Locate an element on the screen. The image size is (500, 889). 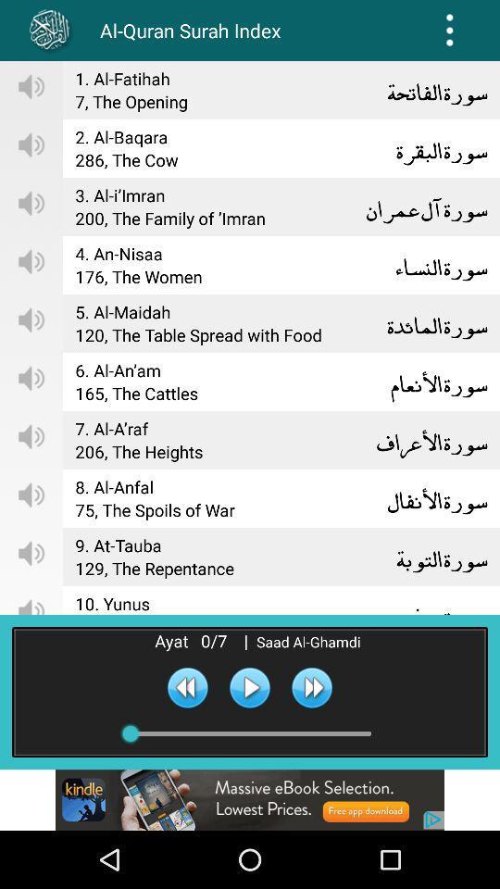
track is located at coordinates (250, 686).